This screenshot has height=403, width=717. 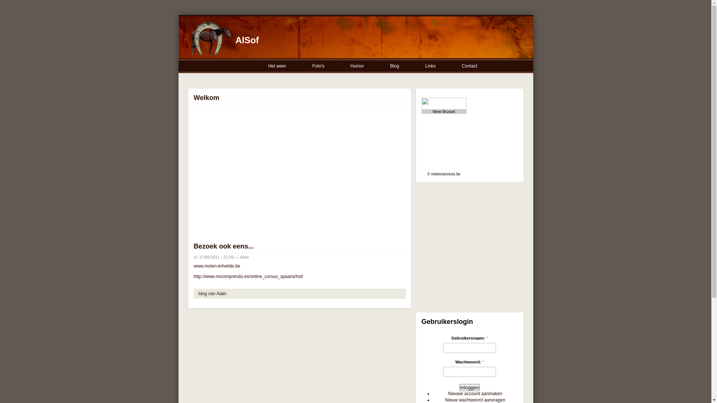 I want to click on 'Het weer', so click(x=277, y=66).